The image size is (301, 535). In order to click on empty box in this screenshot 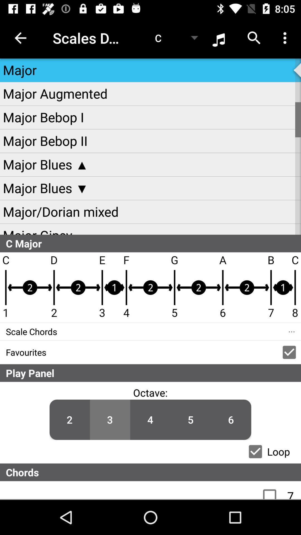, I will do `click(272, 490)`.